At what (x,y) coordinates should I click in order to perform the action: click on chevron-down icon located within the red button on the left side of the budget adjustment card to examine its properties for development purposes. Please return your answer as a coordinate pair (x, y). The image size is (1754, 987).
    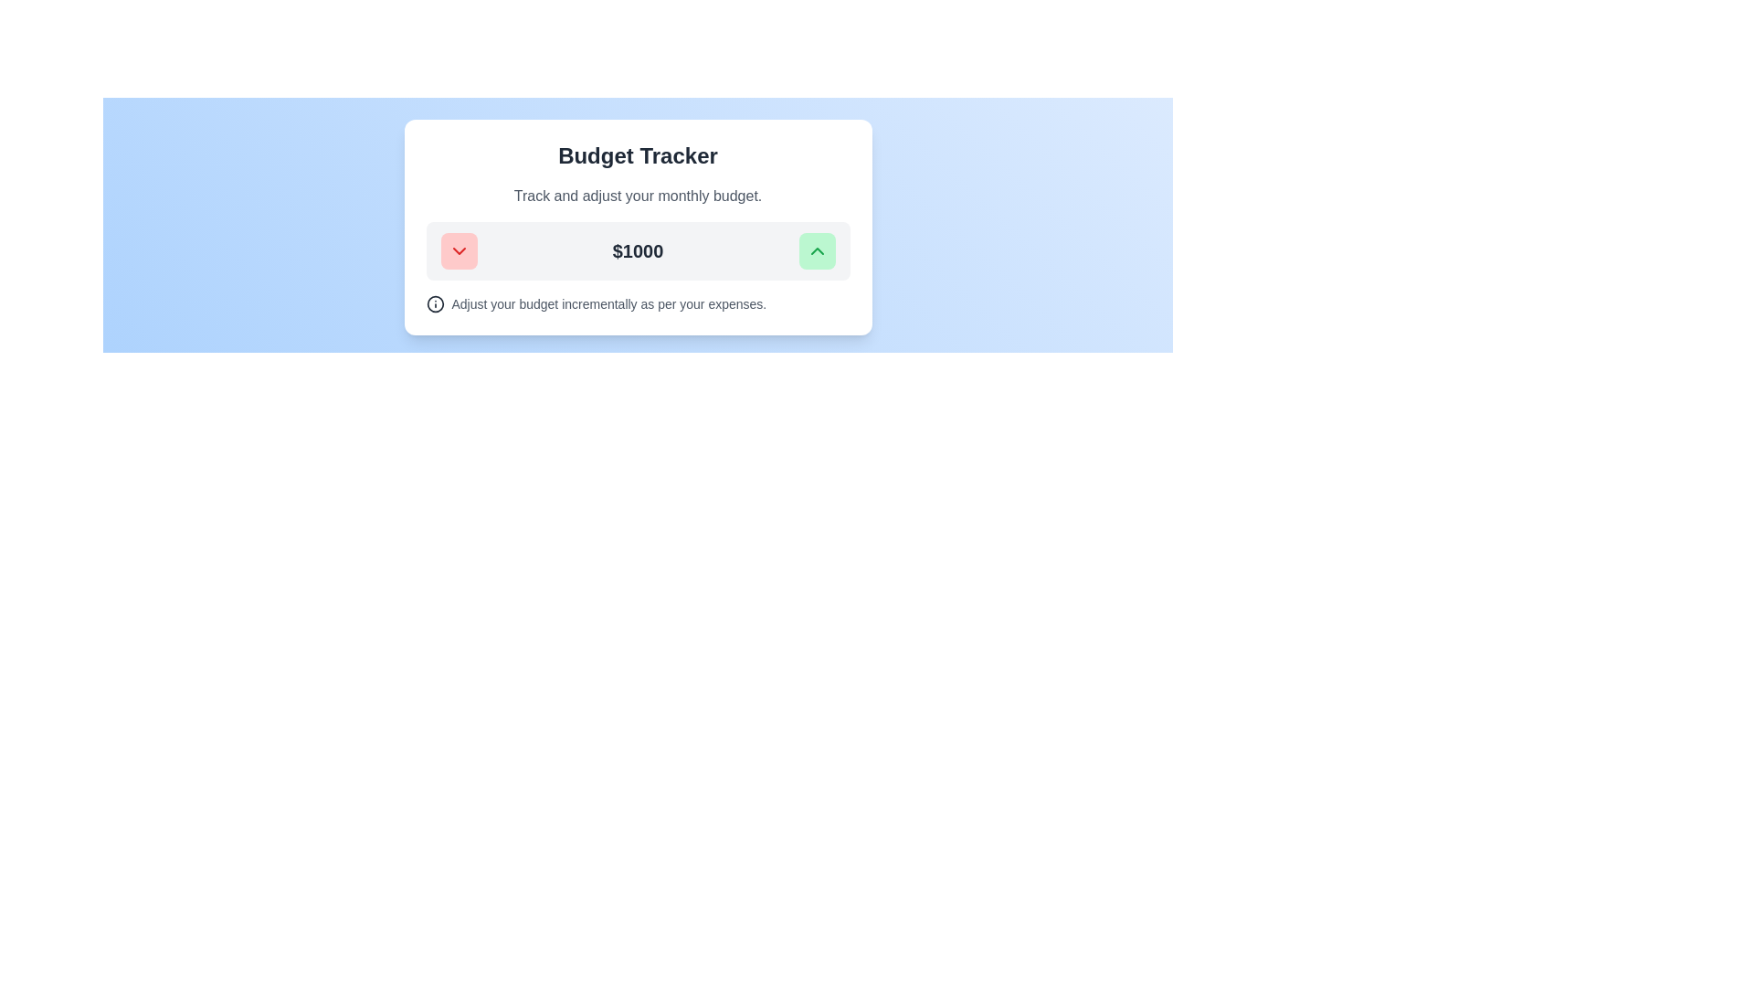
    Looking at the image, I should click on (459, 250).